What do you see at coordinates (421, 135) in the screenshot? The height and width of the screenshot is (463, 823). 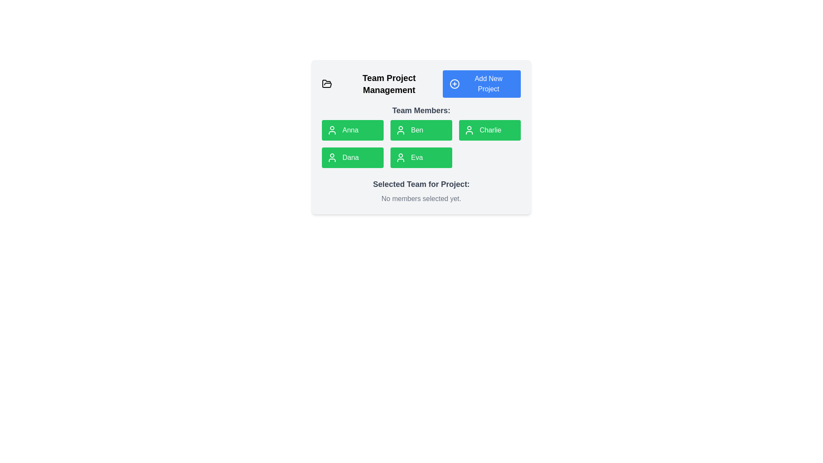 I see `the 'Ben' button, which is a rectangular button with a green background and white text` at bounding box center [421, 135].